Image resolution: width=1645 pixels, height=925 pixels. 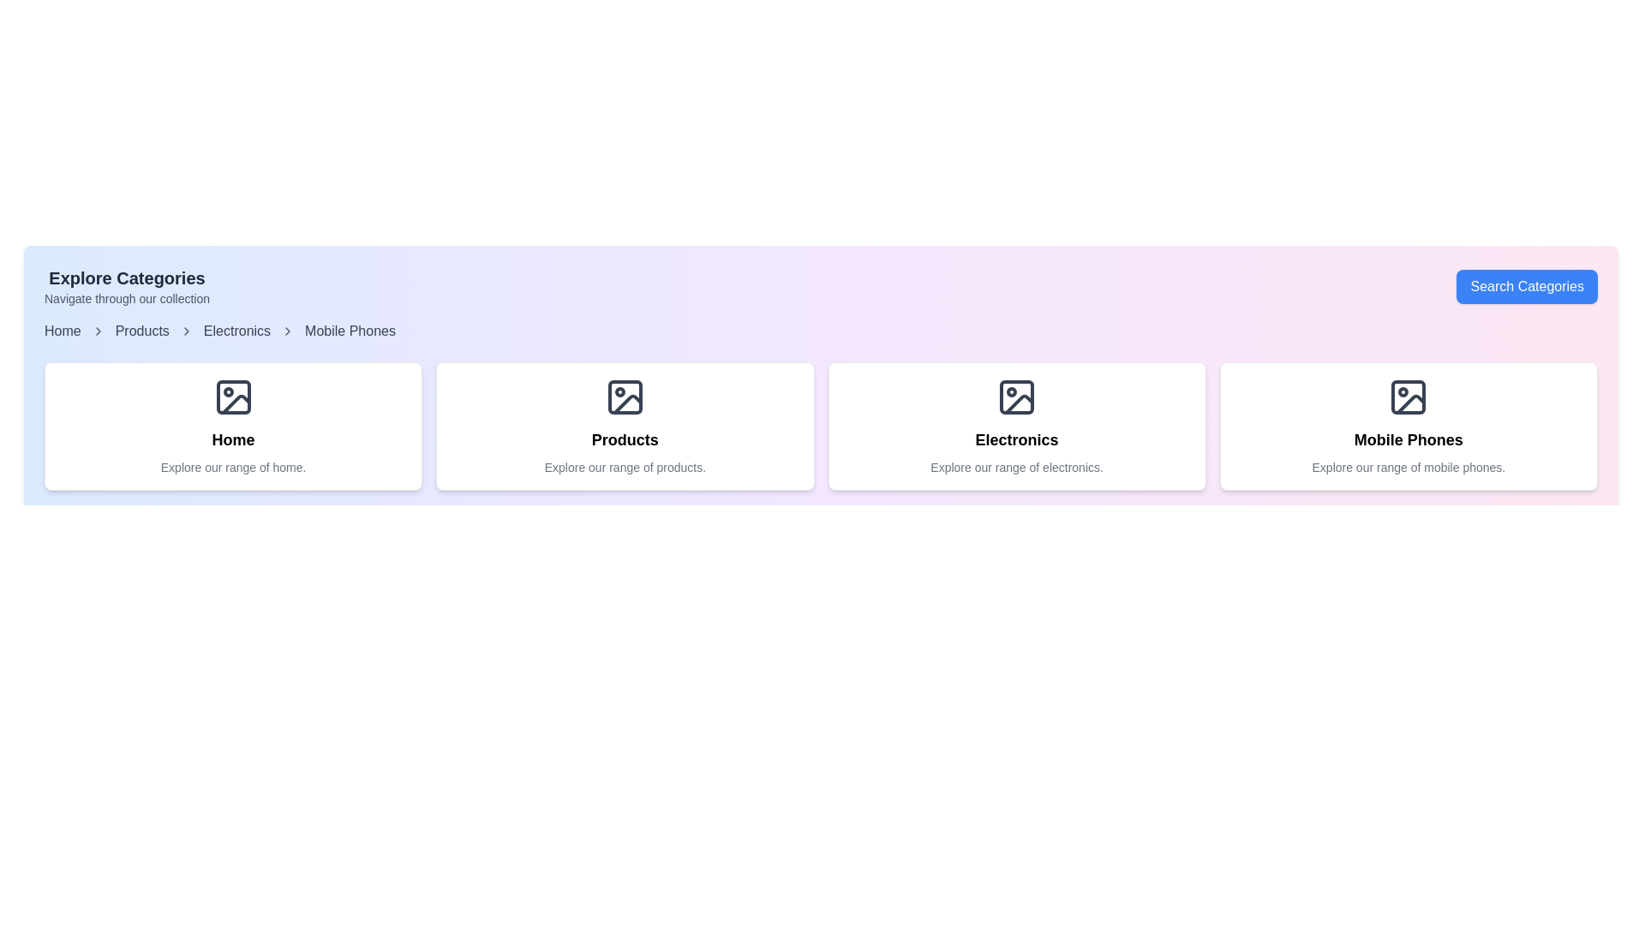 What do you see at coordinates (236, 331) in the screenshot?
I see `the clickable link labeled 'Electronics' in the breadcrumb navigation bar` at bounding box center [236, 331].